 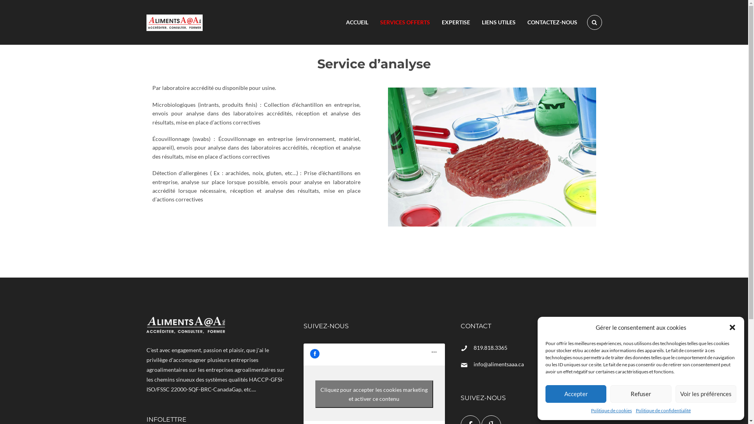 What do you see at coordinates (552, 22) in the screenshot?
I see `'CONTACTEZ-NOUS'` at bounding box center [552, 22].